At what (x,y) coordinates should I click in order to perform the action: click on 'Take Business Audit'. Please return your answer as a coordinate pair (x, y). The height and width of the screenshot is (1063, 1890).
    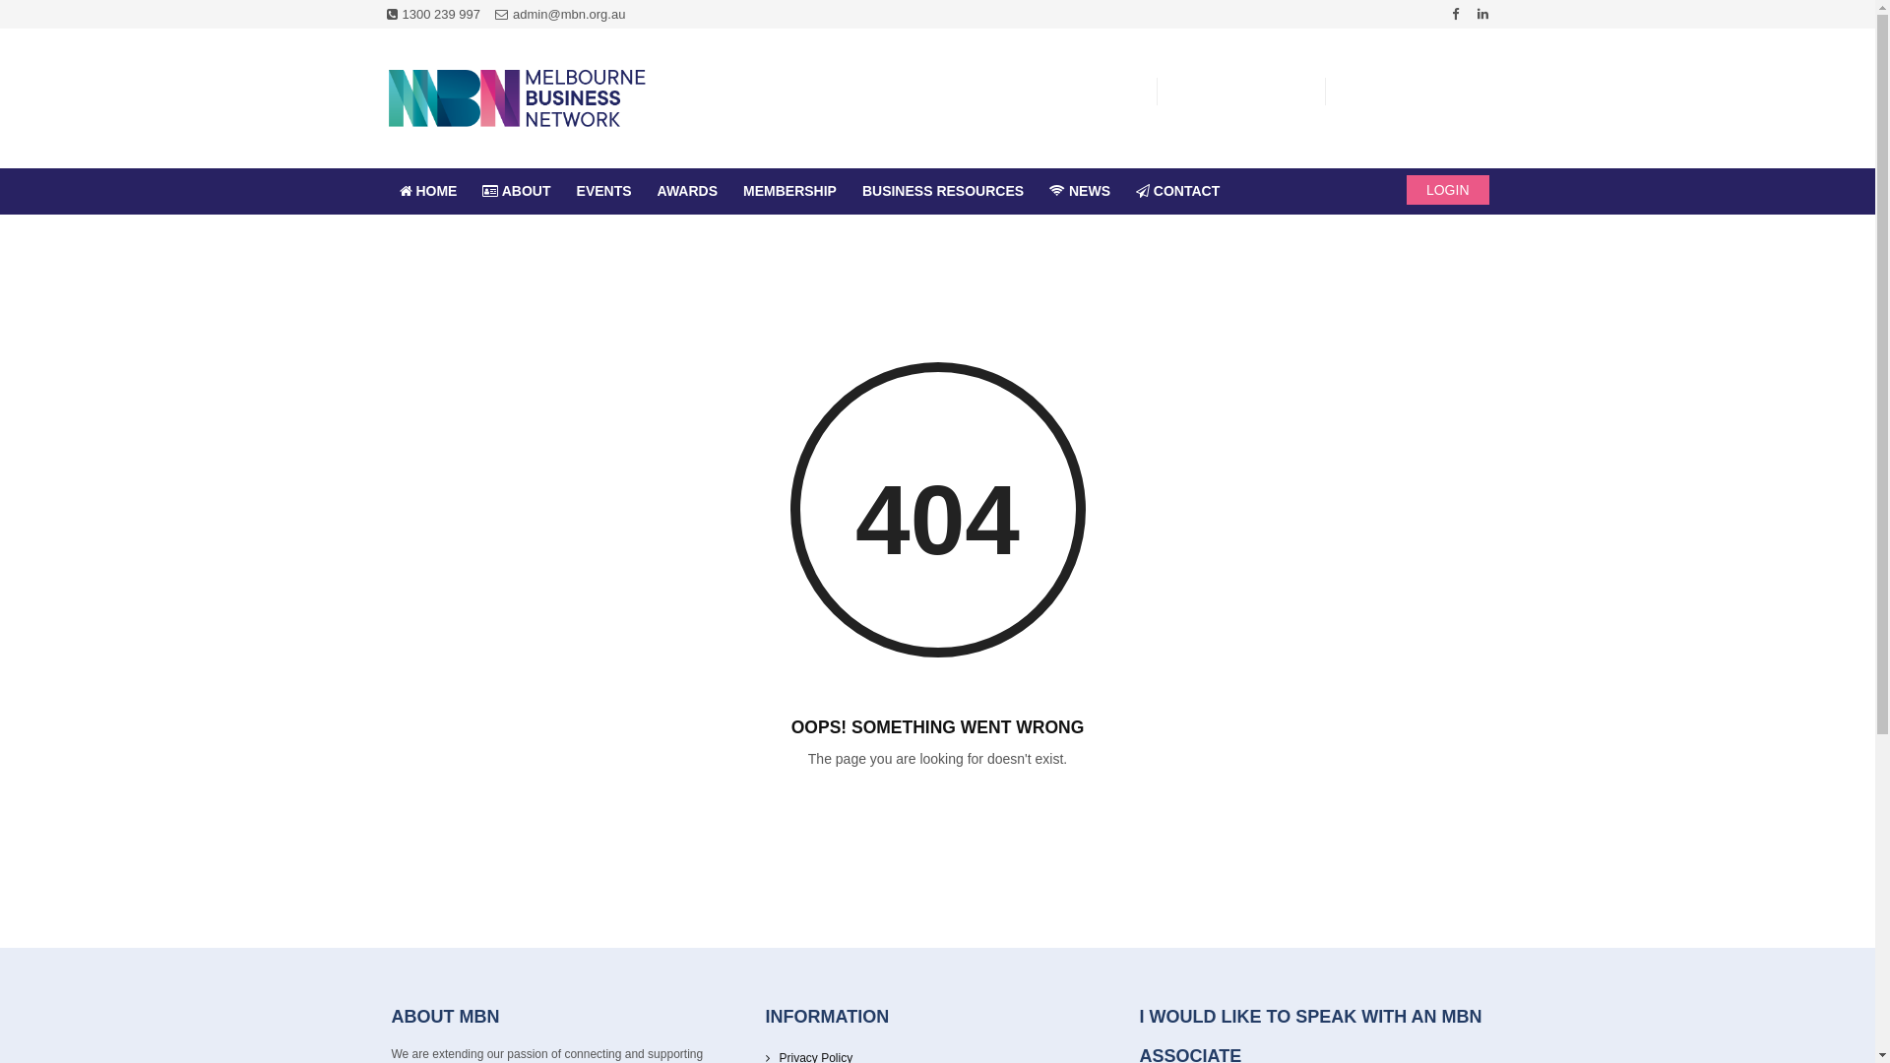
    Looking at the image, I should click on (1064, 94).